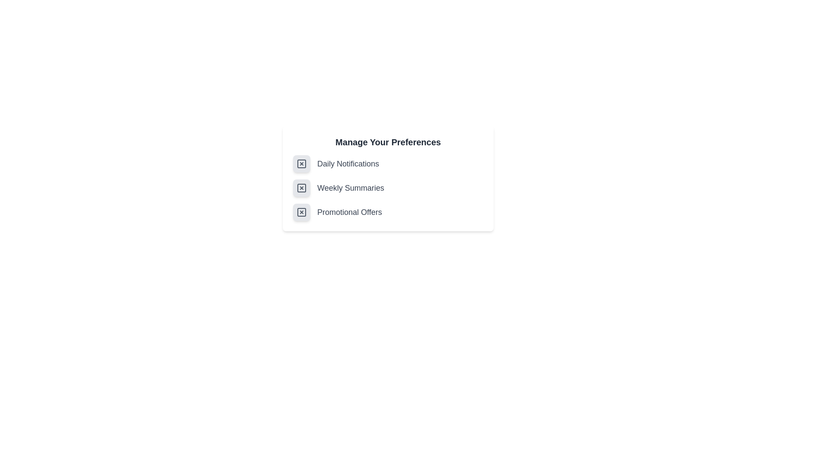  What do you see at coordinates (301, 163) in the screenshot?
I see `the 'Daily Notifications' checkbox` at bounding box center [301, 163].